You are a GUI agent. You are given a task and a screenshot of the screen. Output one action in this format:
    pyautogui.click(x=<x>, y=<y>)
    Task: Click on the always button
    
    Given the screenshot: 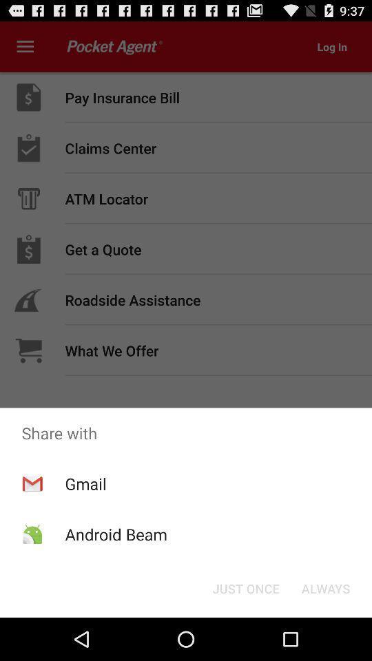 What is the action you would take?
    pyautogui.click(x=325, y=587)
    